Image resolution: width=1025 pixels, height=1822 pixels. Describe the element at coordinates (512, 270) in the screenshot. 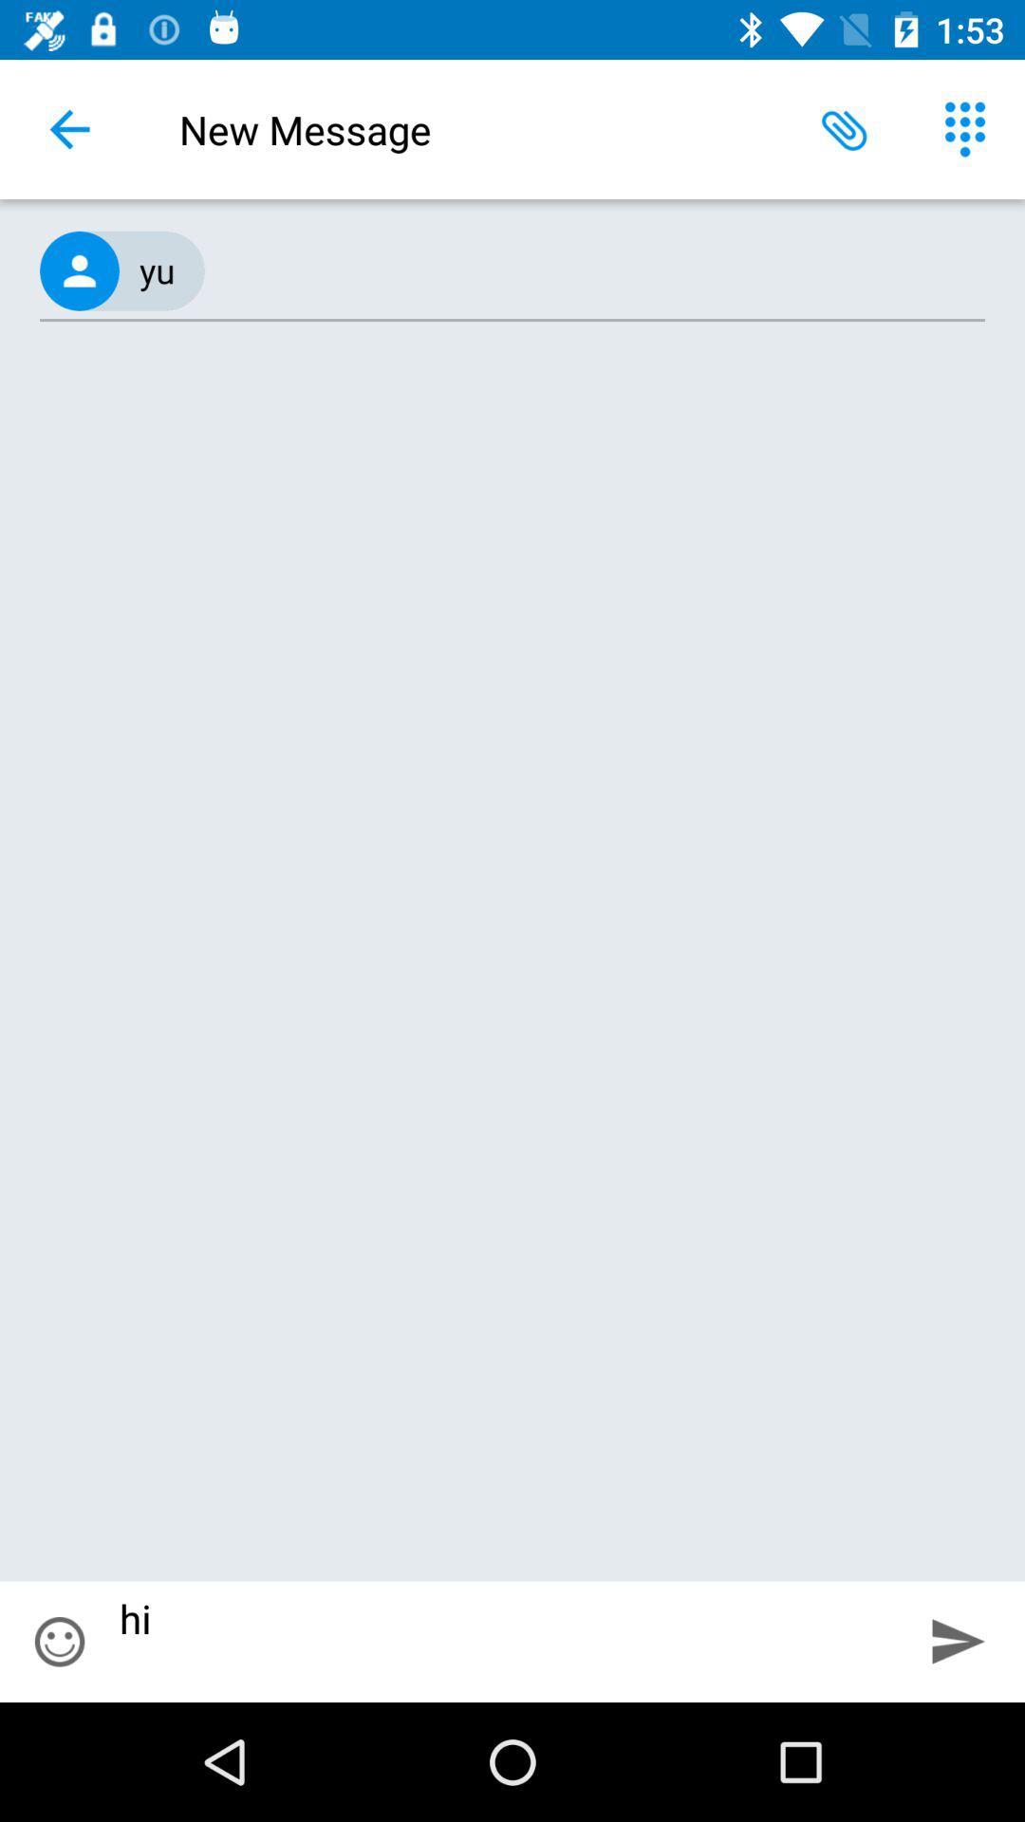

I see `the (667) 676-5778,` at that location.